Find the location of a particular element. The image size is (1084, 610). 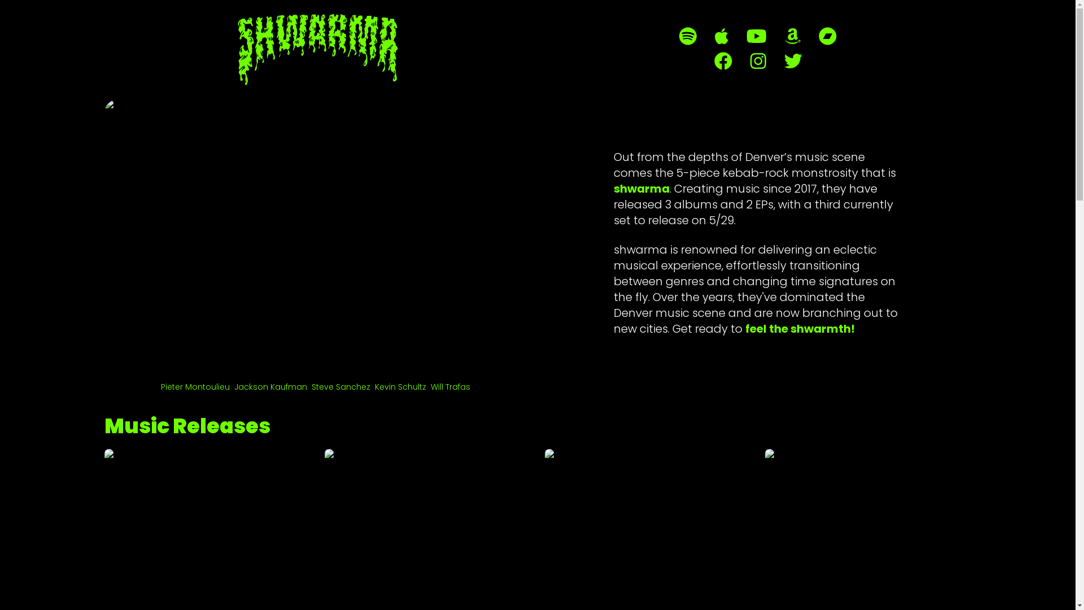

'Amazon Music' is located at coordinates (784, 36).